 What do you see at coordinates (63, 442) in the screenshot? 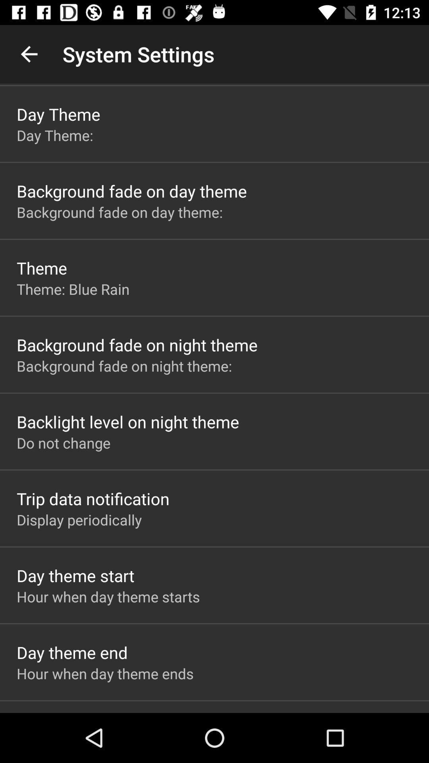
I see `the app above the trip data notification` at bounding box center [63, 442].